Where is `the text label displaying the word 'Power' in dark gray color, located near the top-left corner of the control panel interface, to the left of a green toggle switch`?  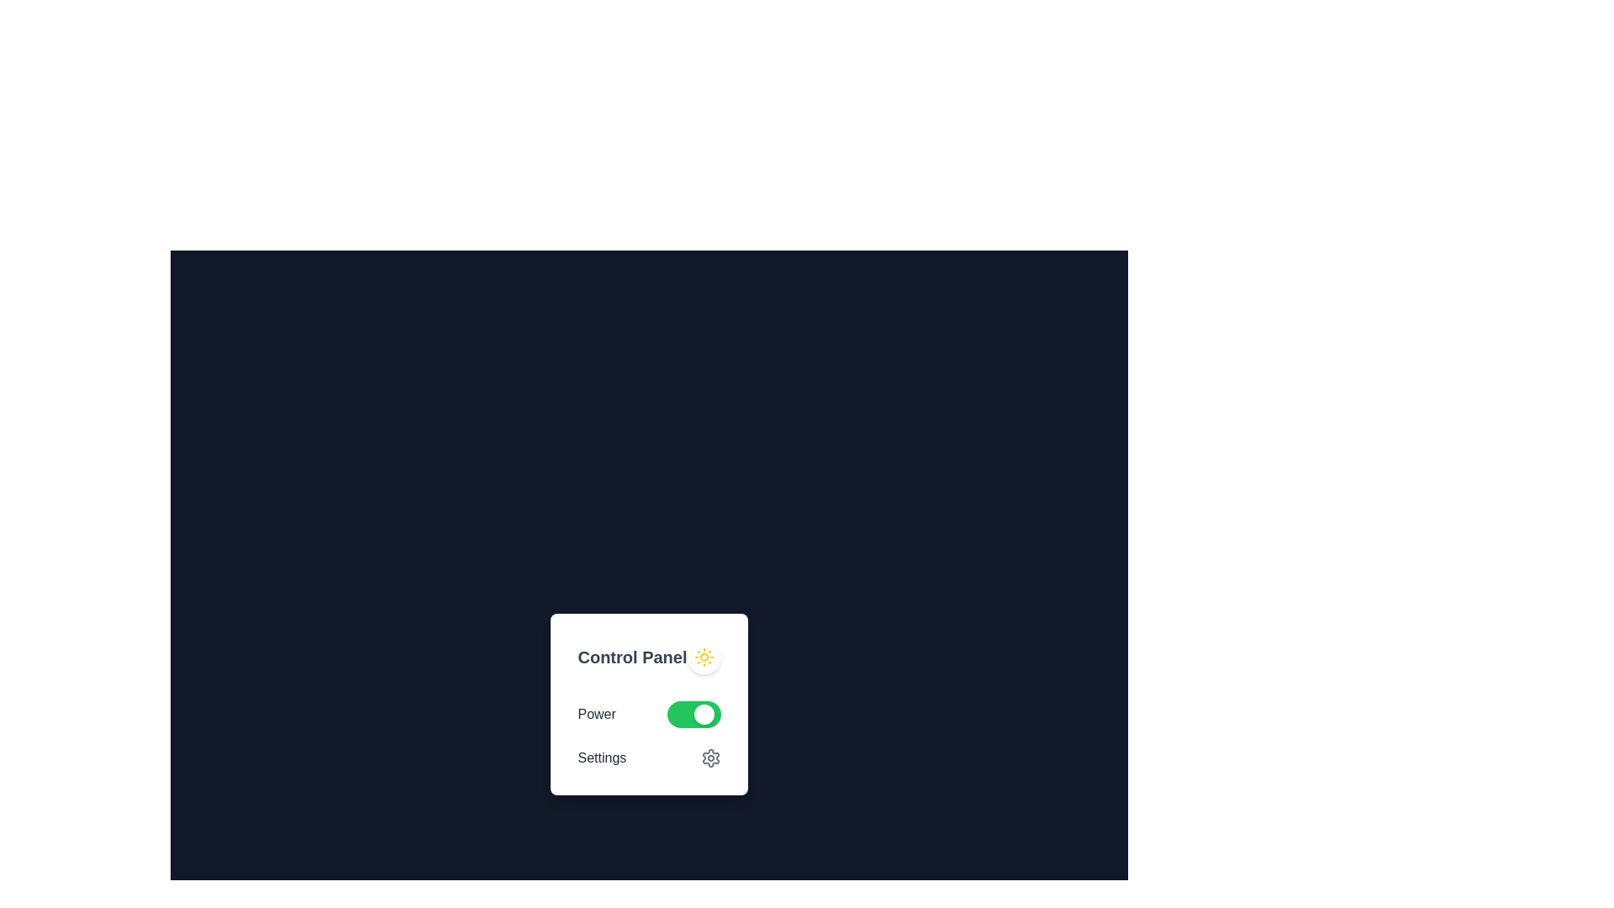 the text label displaying the word 'Power' in dark gray color, located near the top-left corner of the control panel interface, to the left of a green toggle switch is located at coordinates (597, 714).